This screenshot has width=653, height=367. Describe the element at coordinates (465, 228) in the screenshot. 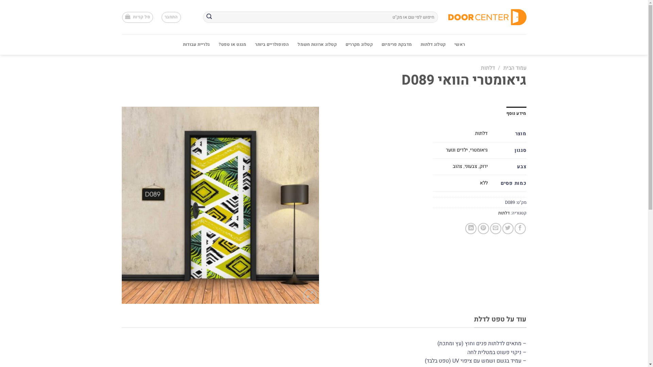

I see `'Share on LinkedIn'` at that location.